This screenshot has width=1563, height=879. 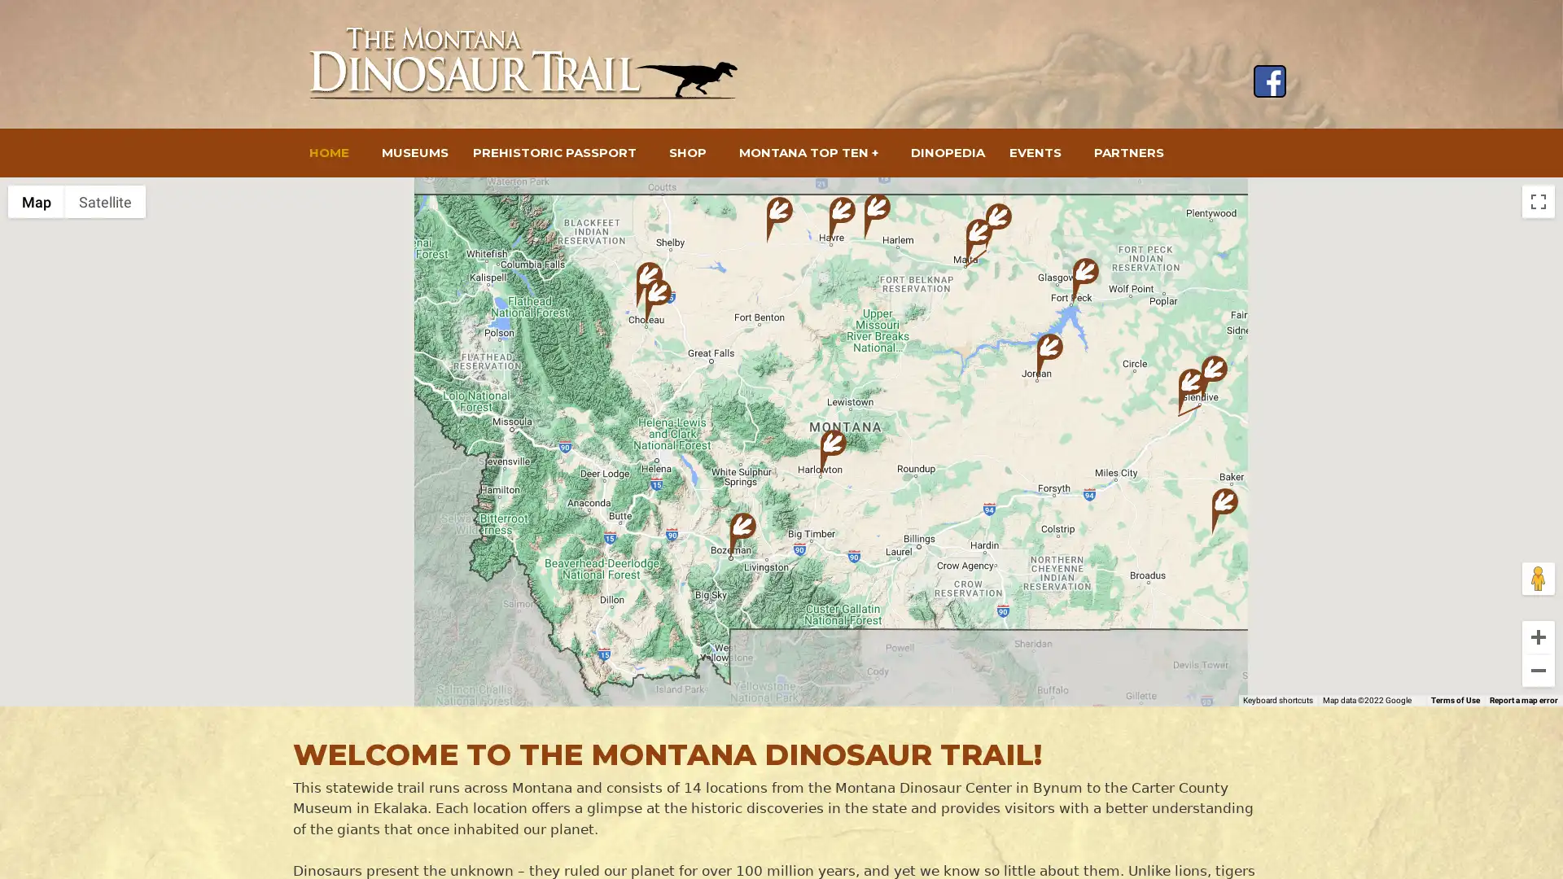 I want to click on Carter County Museum, so click(x=1225, y=510).